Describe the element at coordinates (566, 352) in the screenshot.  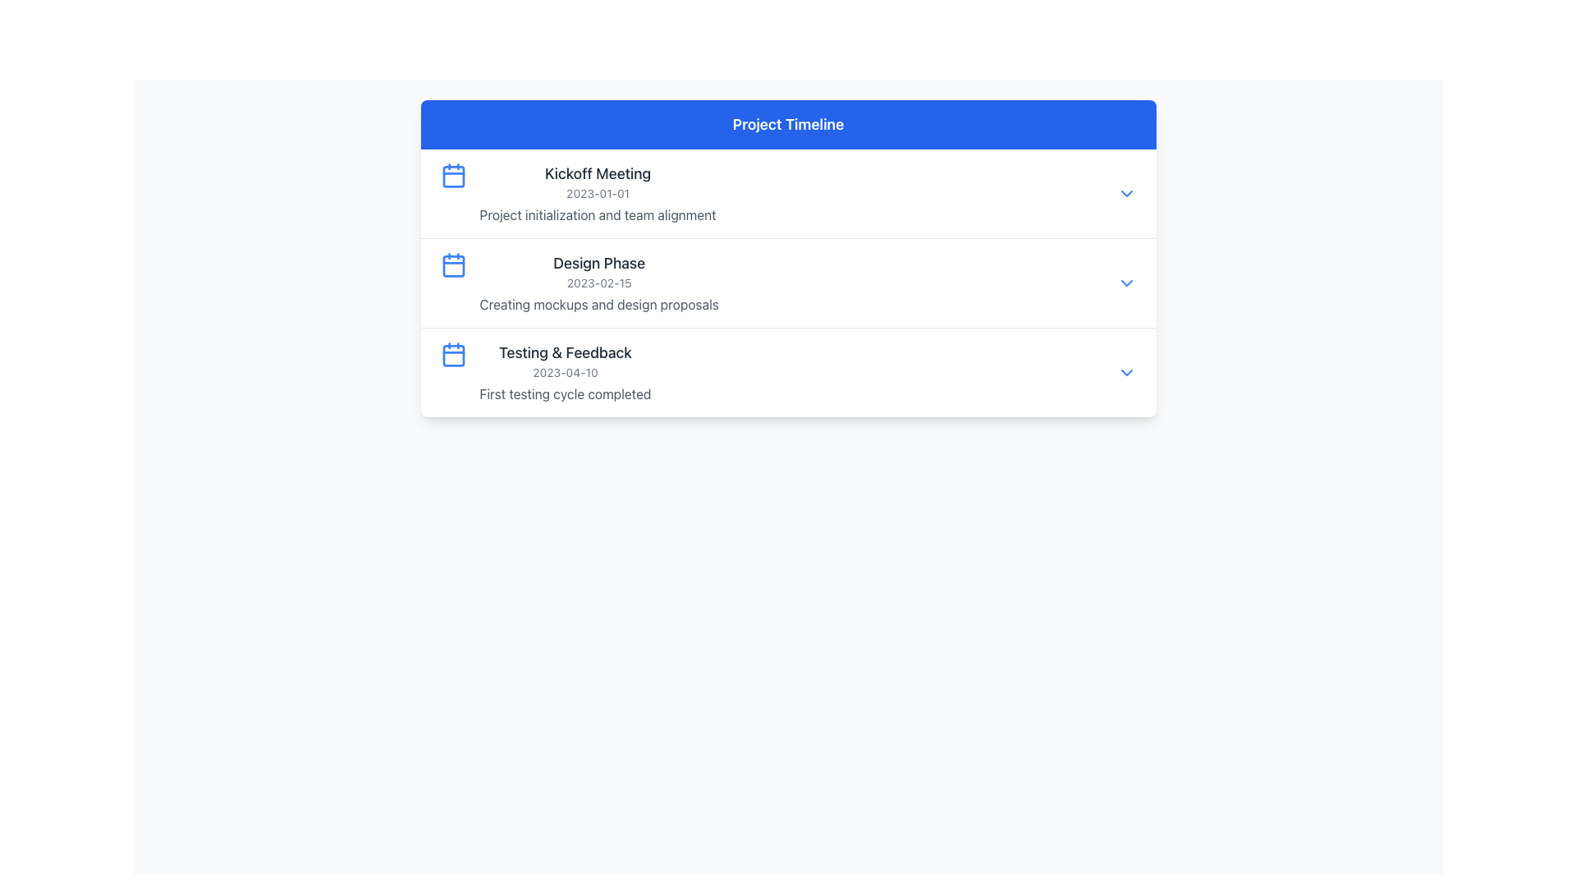
I see `the 'Testing & Feedback' text header` at that location.